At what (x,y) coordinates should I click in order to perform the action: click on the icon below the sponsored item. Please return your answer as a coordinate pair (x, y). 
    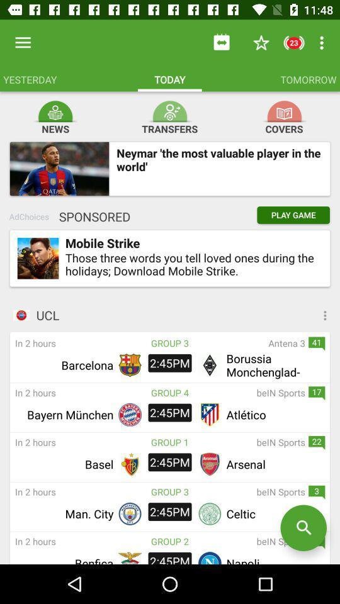
    Looking at the image, I should click on (38, 257).